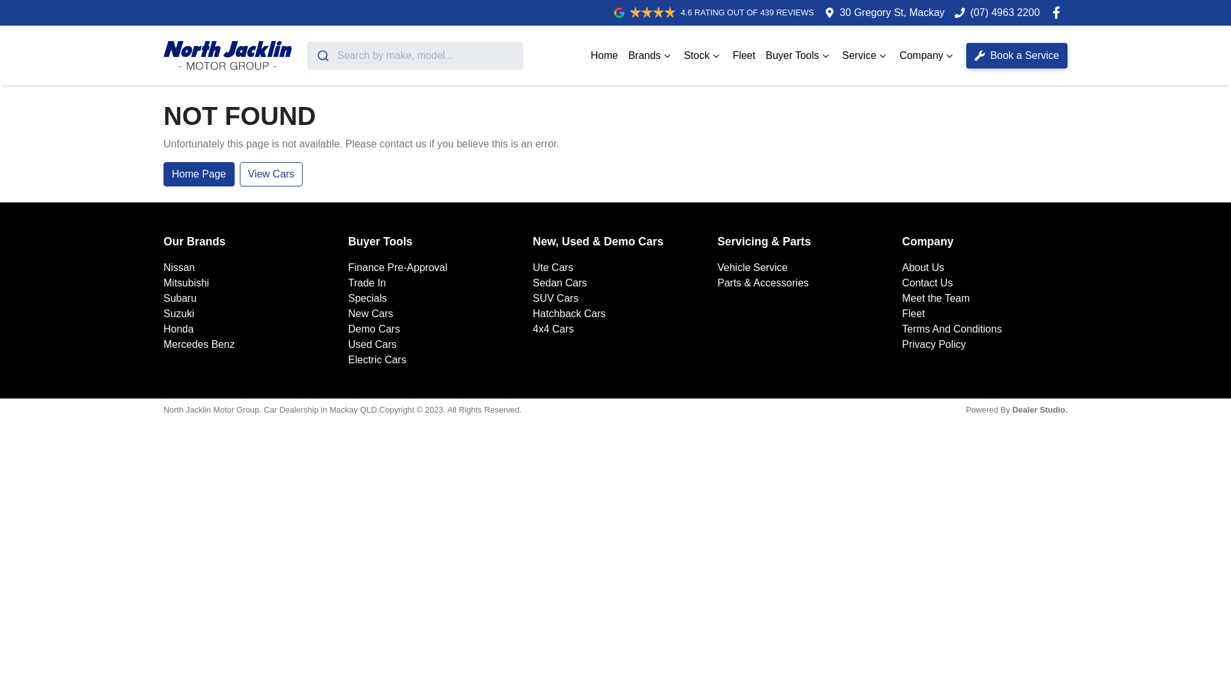 The image size is (1231, 692). I want to click on 'Meet the Team', so click(935, 298).